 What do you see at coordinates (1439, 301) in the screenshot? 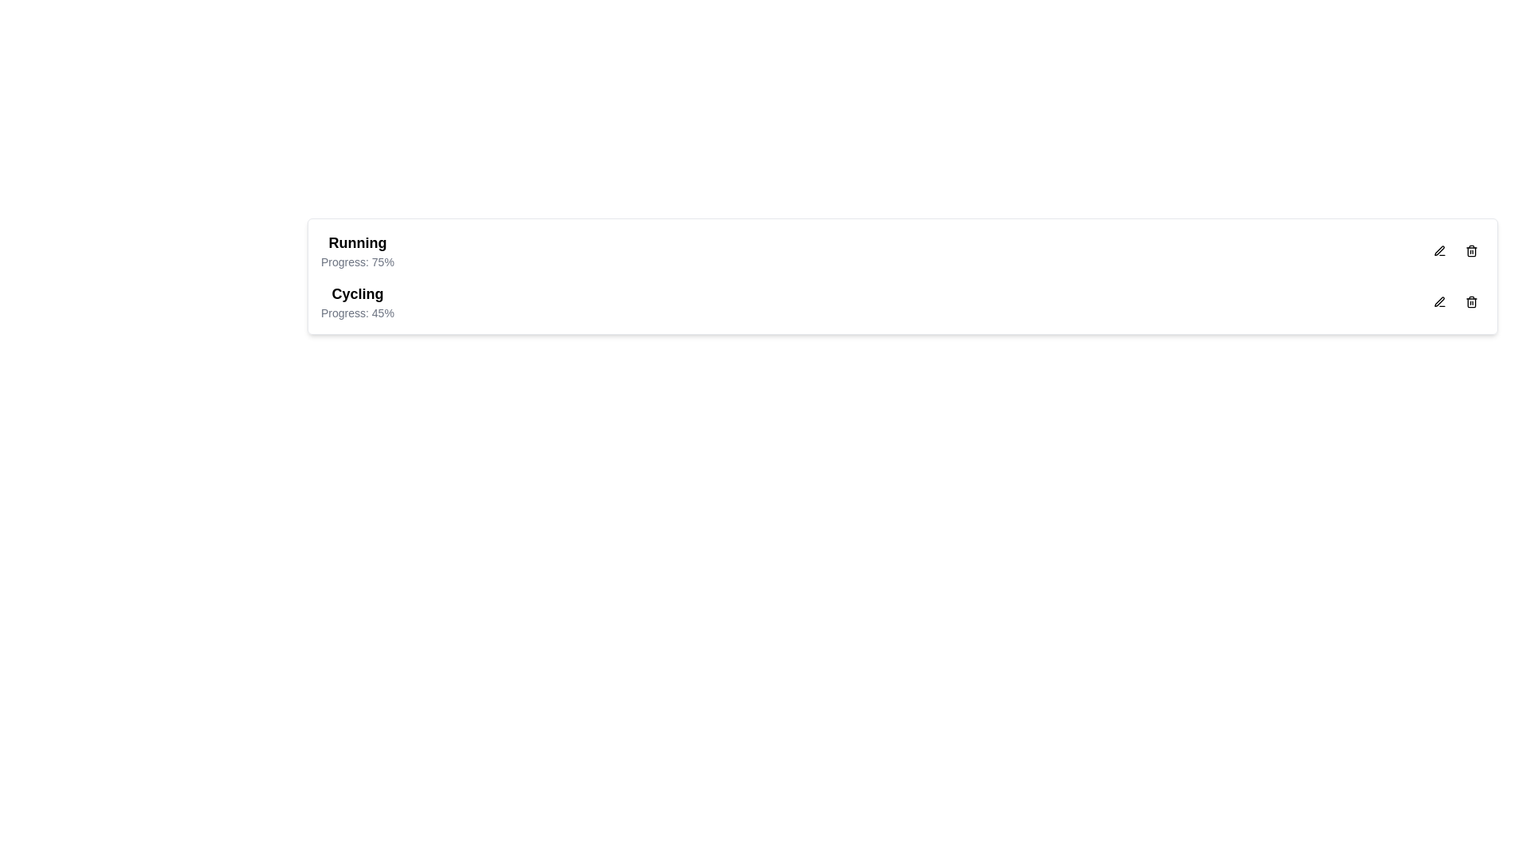
I see `the small circular button with a pen or edit icon inside, located on the rightmost side of the 'Cycling' section` at bounding box center [1439, 301].